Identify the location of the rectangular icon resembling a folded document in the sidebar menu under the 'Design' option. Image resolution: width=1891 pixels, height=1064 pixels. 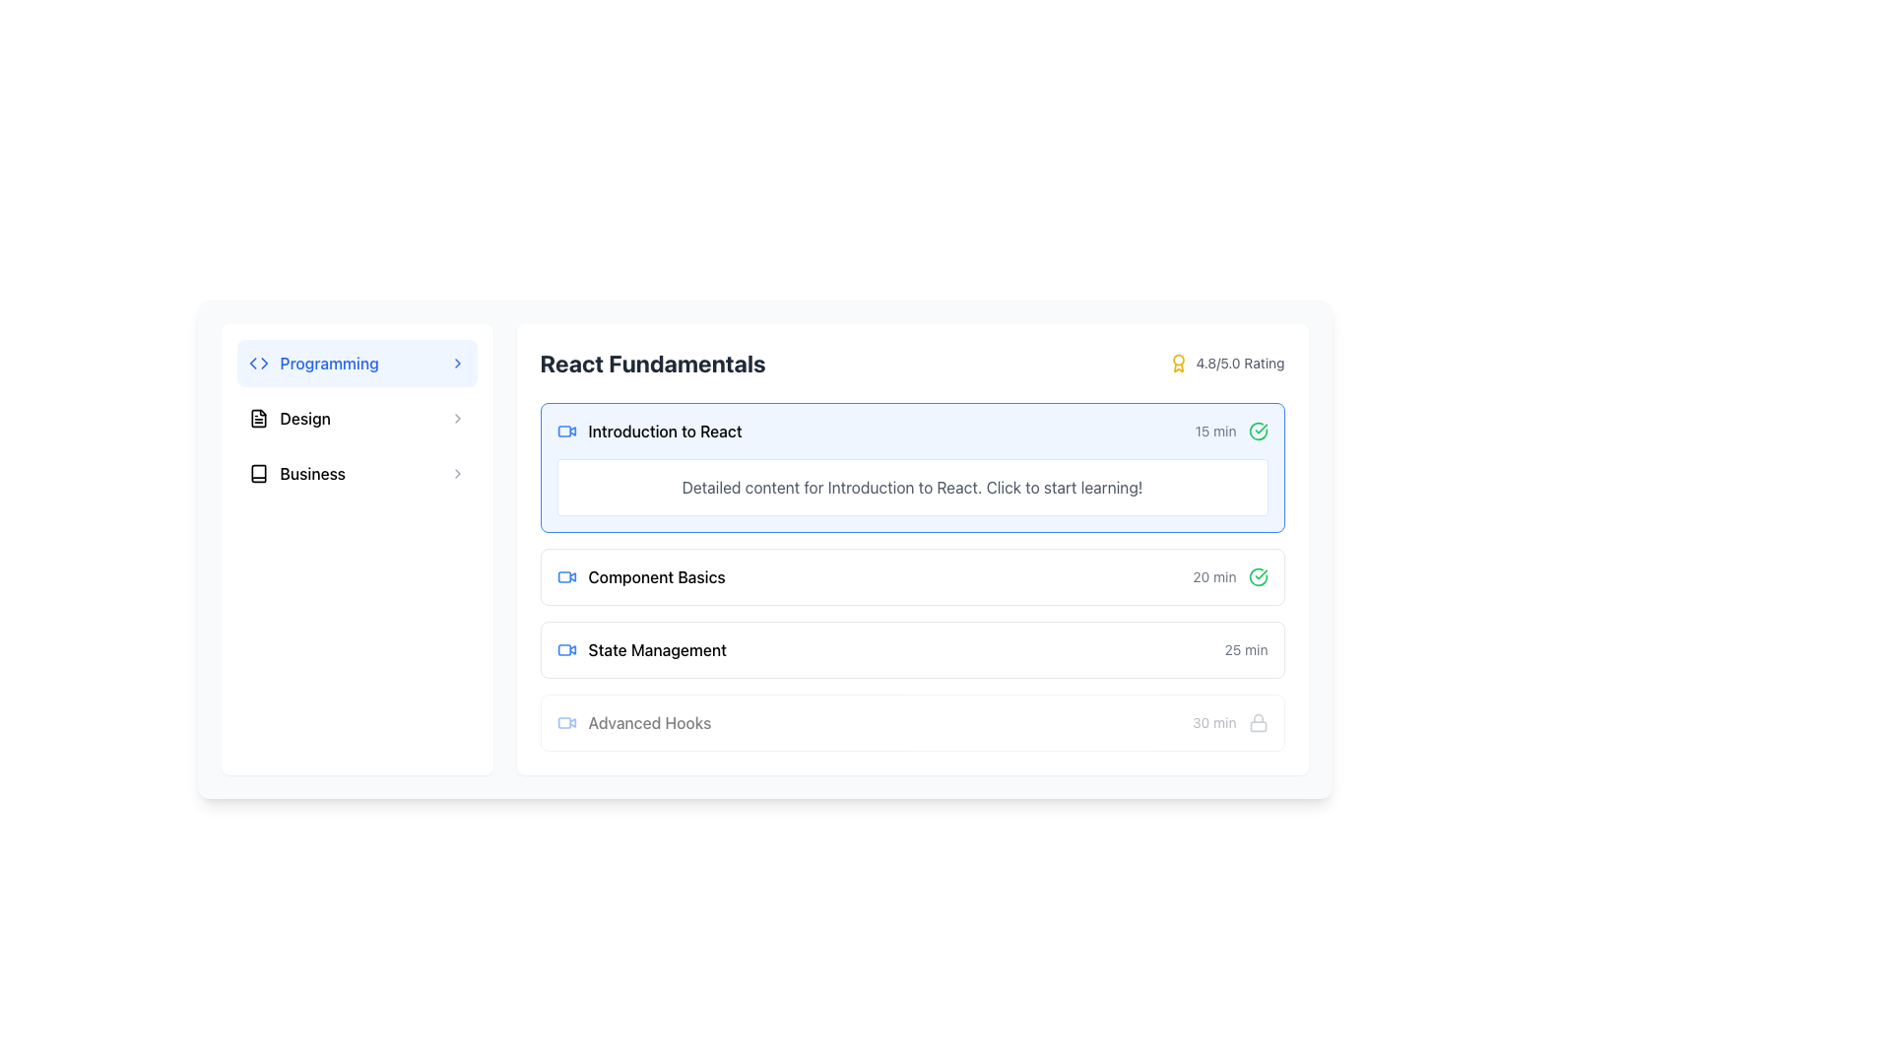
(257, 417).